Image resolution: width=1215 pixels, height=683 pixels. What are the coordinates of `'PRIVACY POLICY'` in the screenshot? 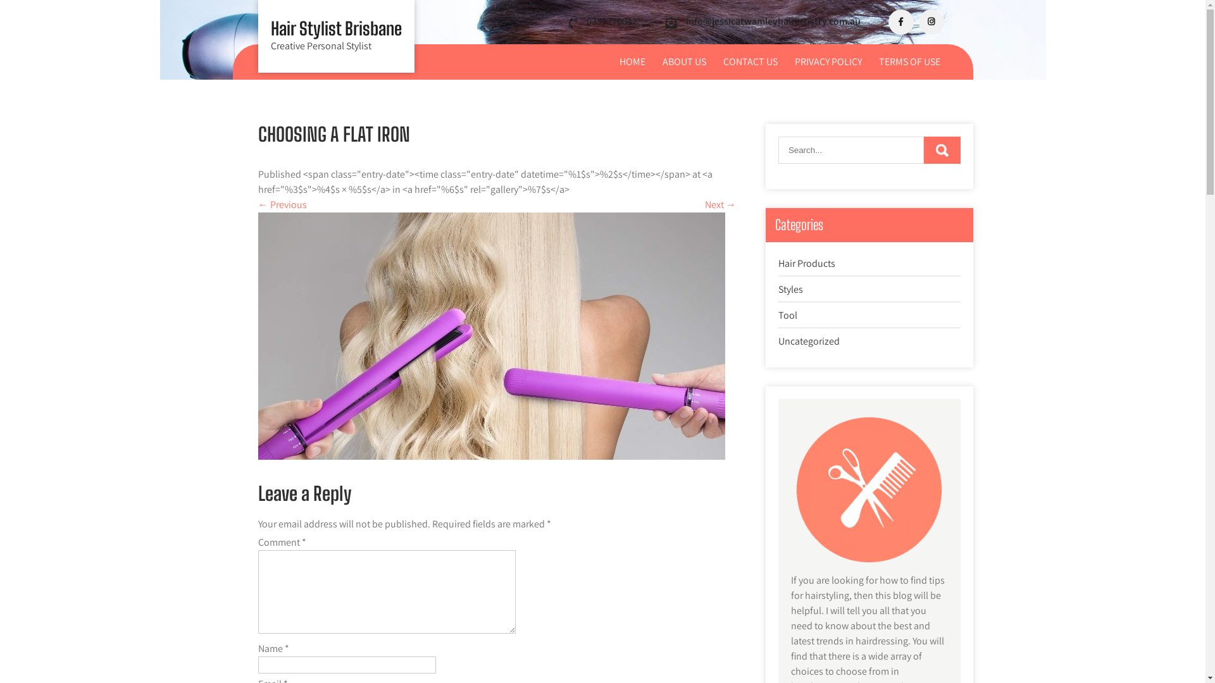 It's located at (786, 61).